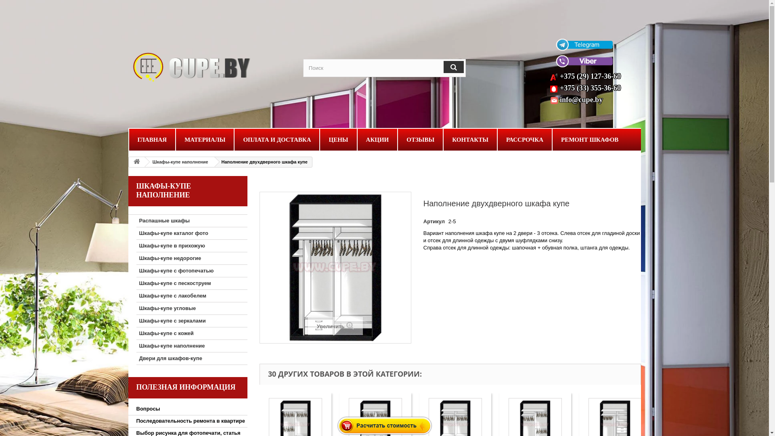 Image resolution: width=775 pixels, height=436 pixels. I want to click on 'info@cupe.by', so click(559, 99).